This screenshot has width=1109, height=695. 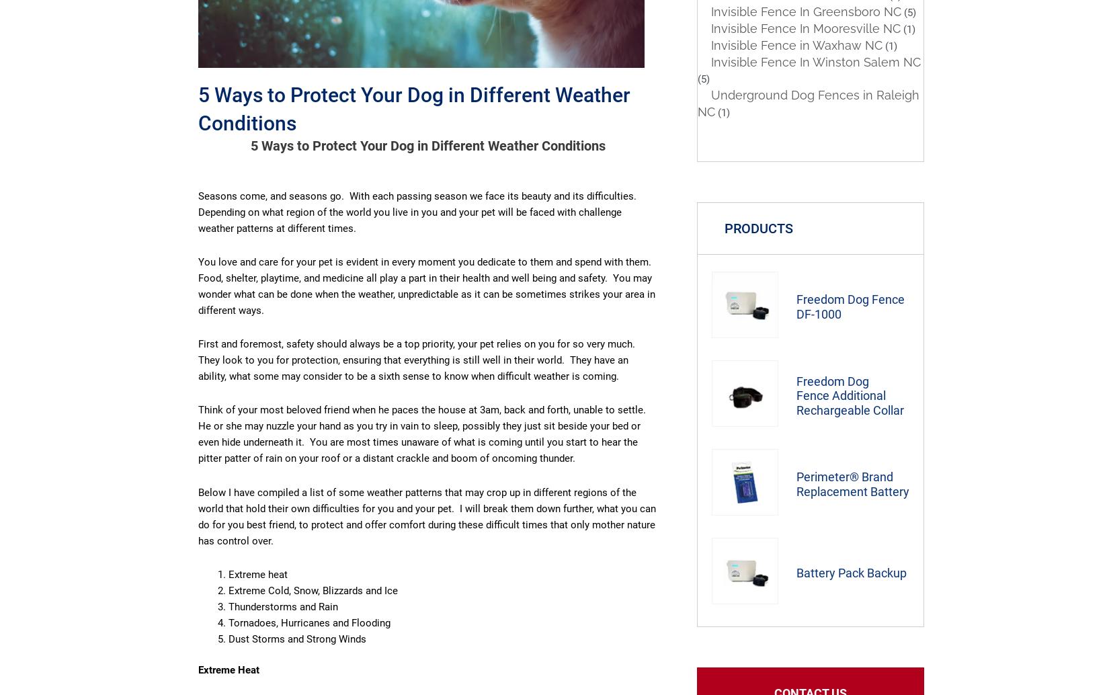 What do you see at coordinates (425, 284) in the screenshot?
I see `'You love and care for your pet is evident in every moment you dedicate to them and spend with them.  Food, shelter, playtime, and medicine all play a part in their health and well being and safety.  You may wonder what can be done when the weather, unpredictable as it can be sometimes strikes your area in different ways.'` at bounding box center [425, 284].